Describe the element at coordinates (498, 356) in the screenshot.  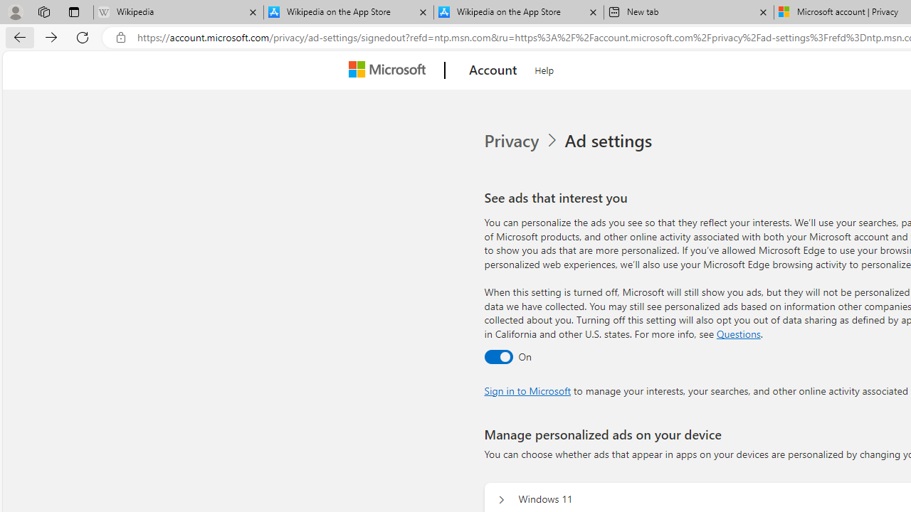
I see `'Ad settings toggle'` at that location.